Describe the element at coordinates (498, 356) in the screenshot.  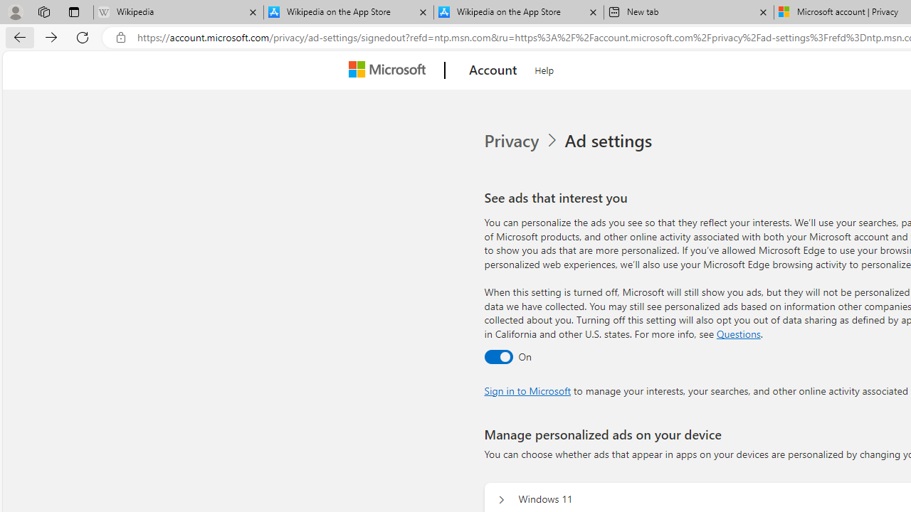
I see `'Ad settings toggle'` at that location.